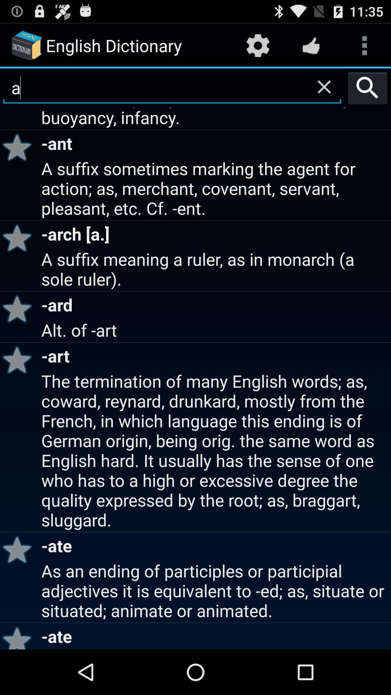 The image size is (391, 695). What do you see at coordinates (19, 308) in the screenshot?
I see `icon below the a suffix meaning icon` at bounding box center [19, 308].